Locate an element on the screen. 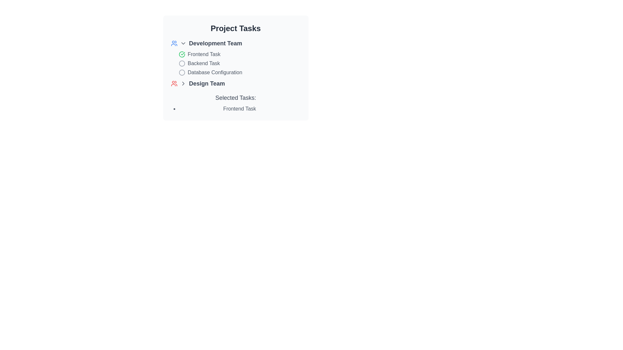 This screenshot has width=623, height=350. the circular icon with a green stroke and checkmark, located at the beginning of the 'Frontend Task' list item under the 'Development Team' group in the 'Project Tasks' section is located at coordinates (182, 54).